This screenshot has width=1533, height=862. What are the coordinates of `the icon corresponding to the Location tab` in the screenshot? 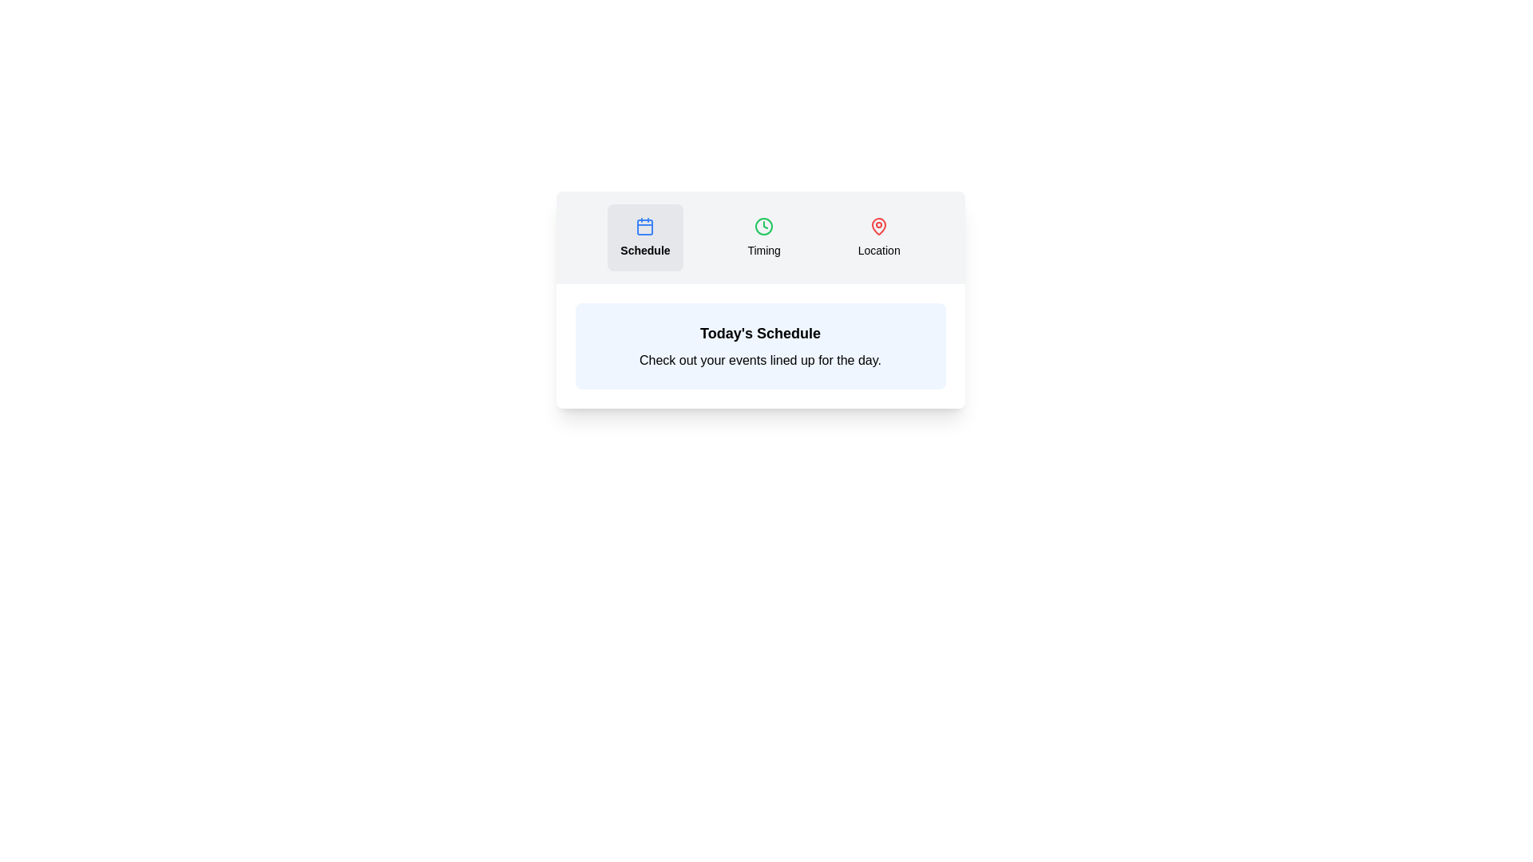 It's located at (877, 227).